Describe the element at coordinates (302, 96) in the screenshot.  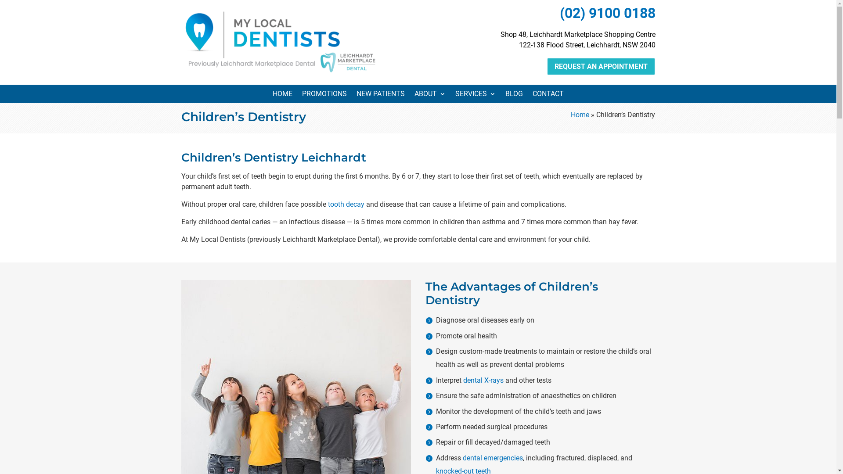
I see `'PROMOTIONS'` at that location.